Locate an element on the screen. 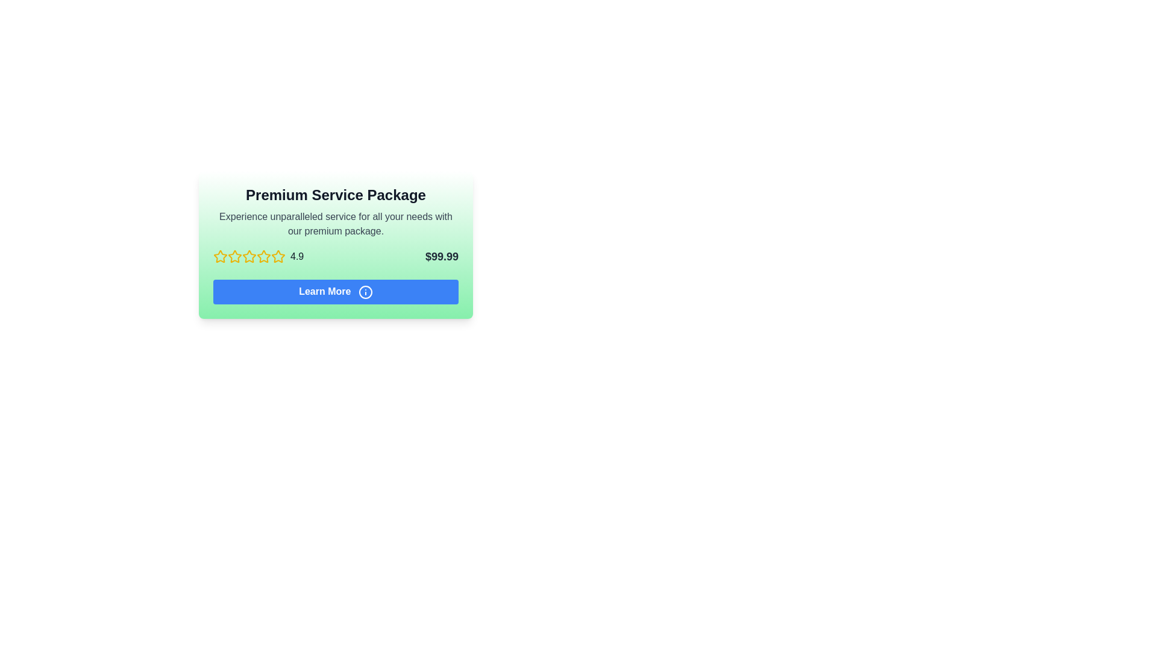 The image size is (1157, 651). the second star icon in the rating section, which represents one star of a rating scale, located below the primary heading and to the left of the numerical rating 4.9 is located at coordinates (248, 256).